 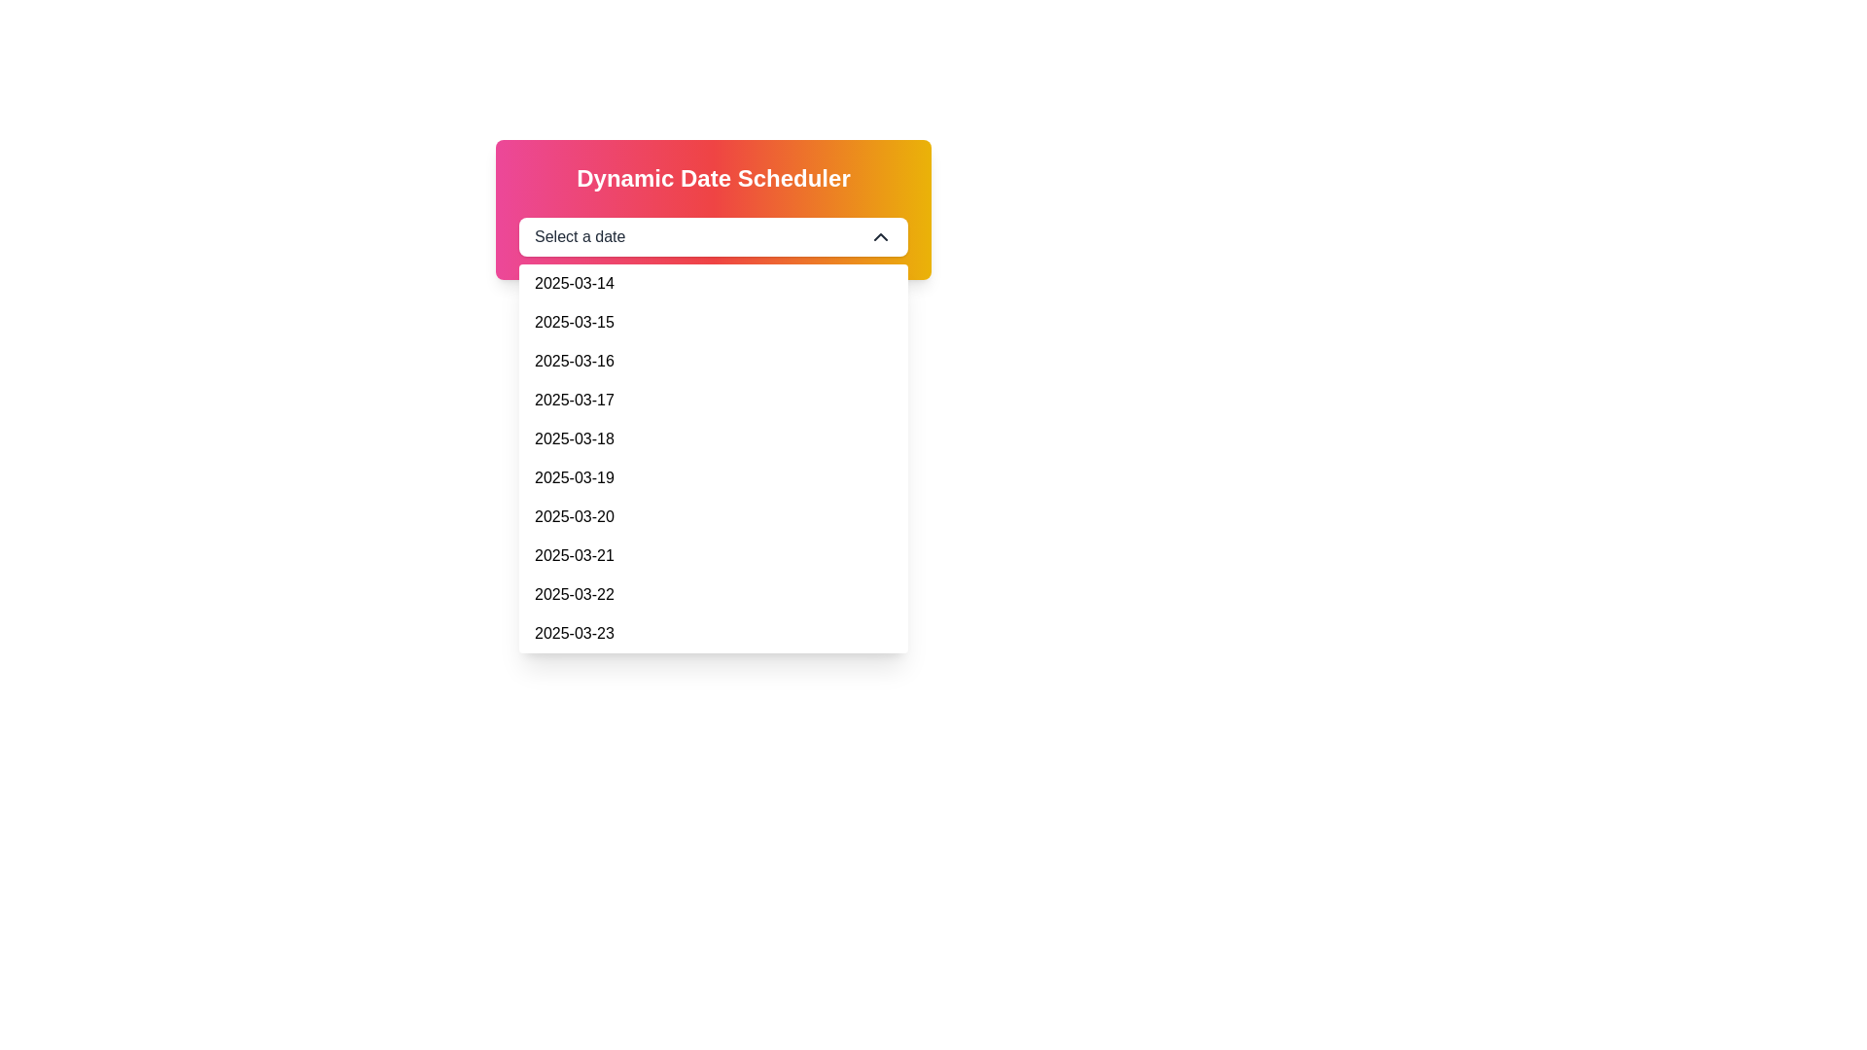 What do you see at coordinates (713, 594) in the screenshot?
I see `the dropdown list item displaying the date '2025-03-22'` at bounding box center [713, 594].